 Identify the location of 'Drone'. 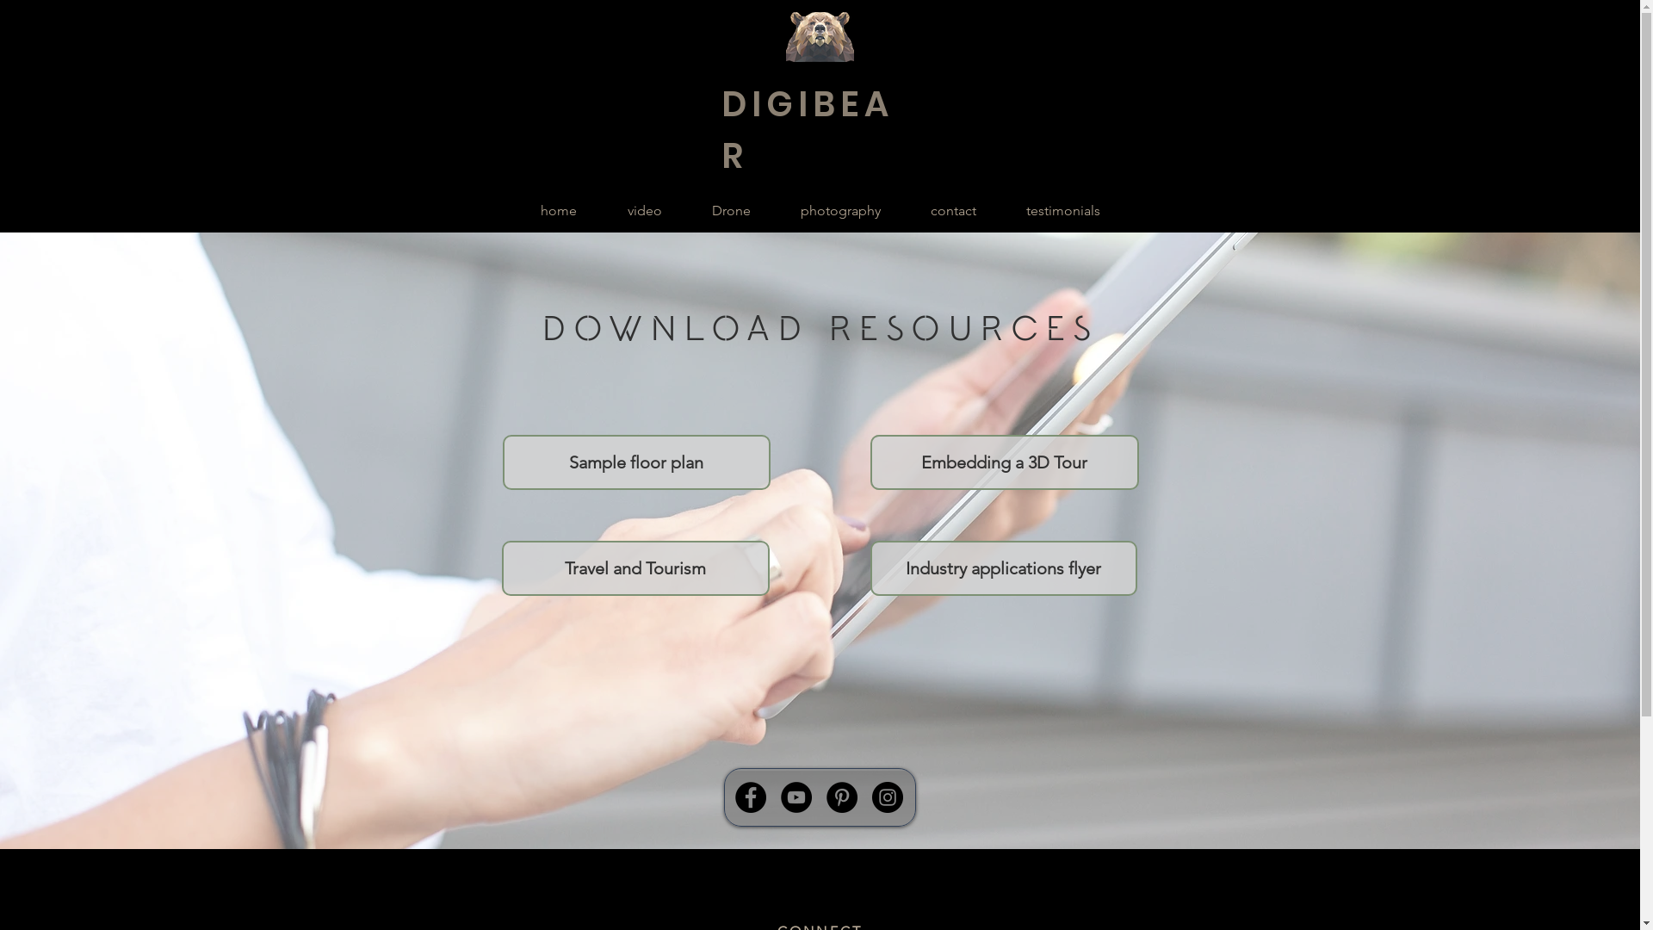
(731, 210).